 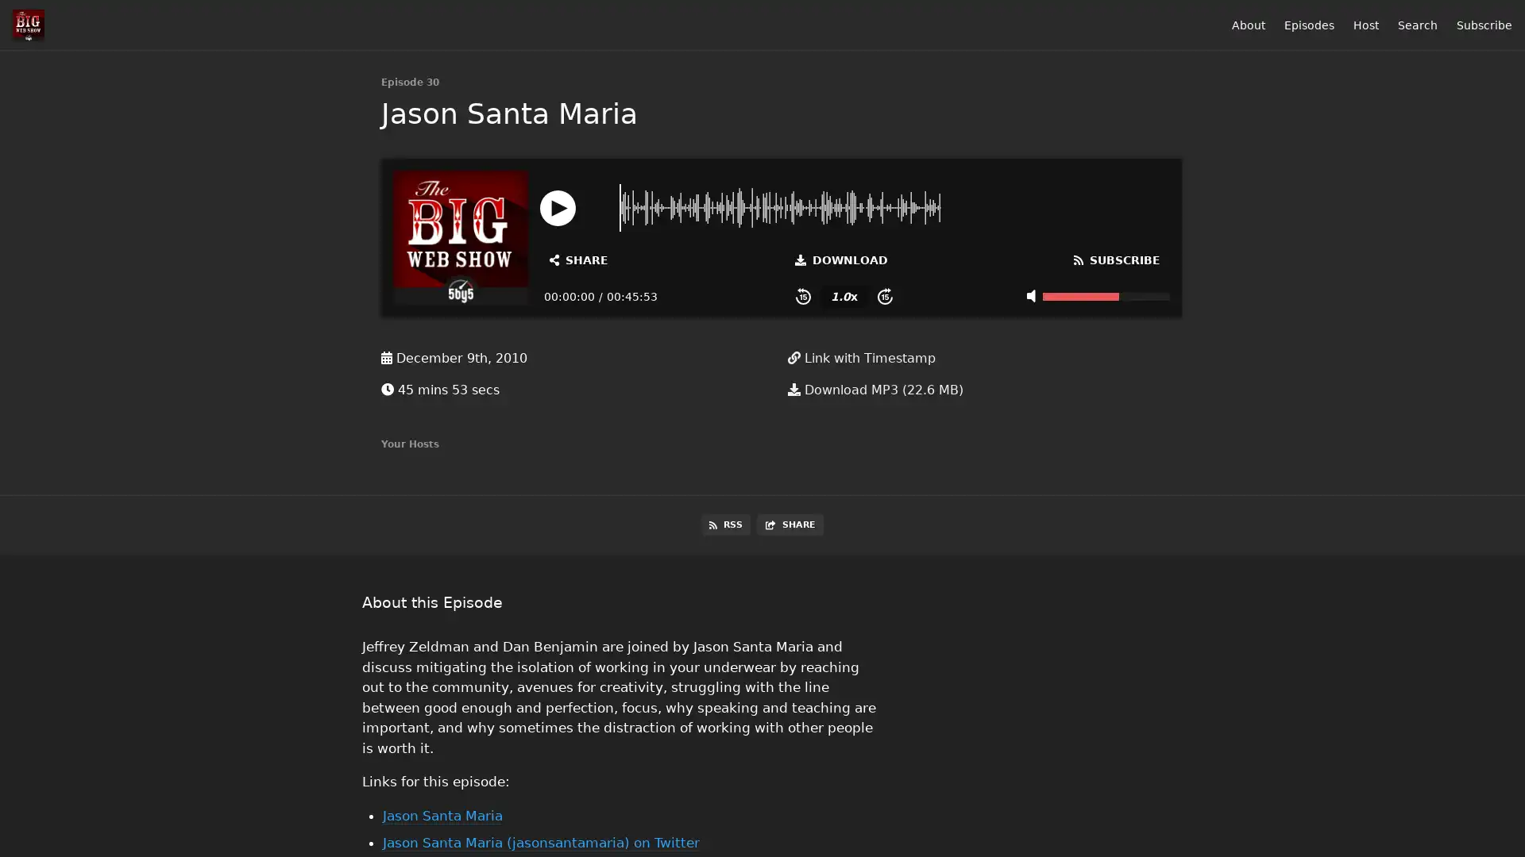 What do you see at coordinates (578, 259) in the screenshot?
I see `Open Share and Subscribe Dialog` at bounding box center [578, 259].